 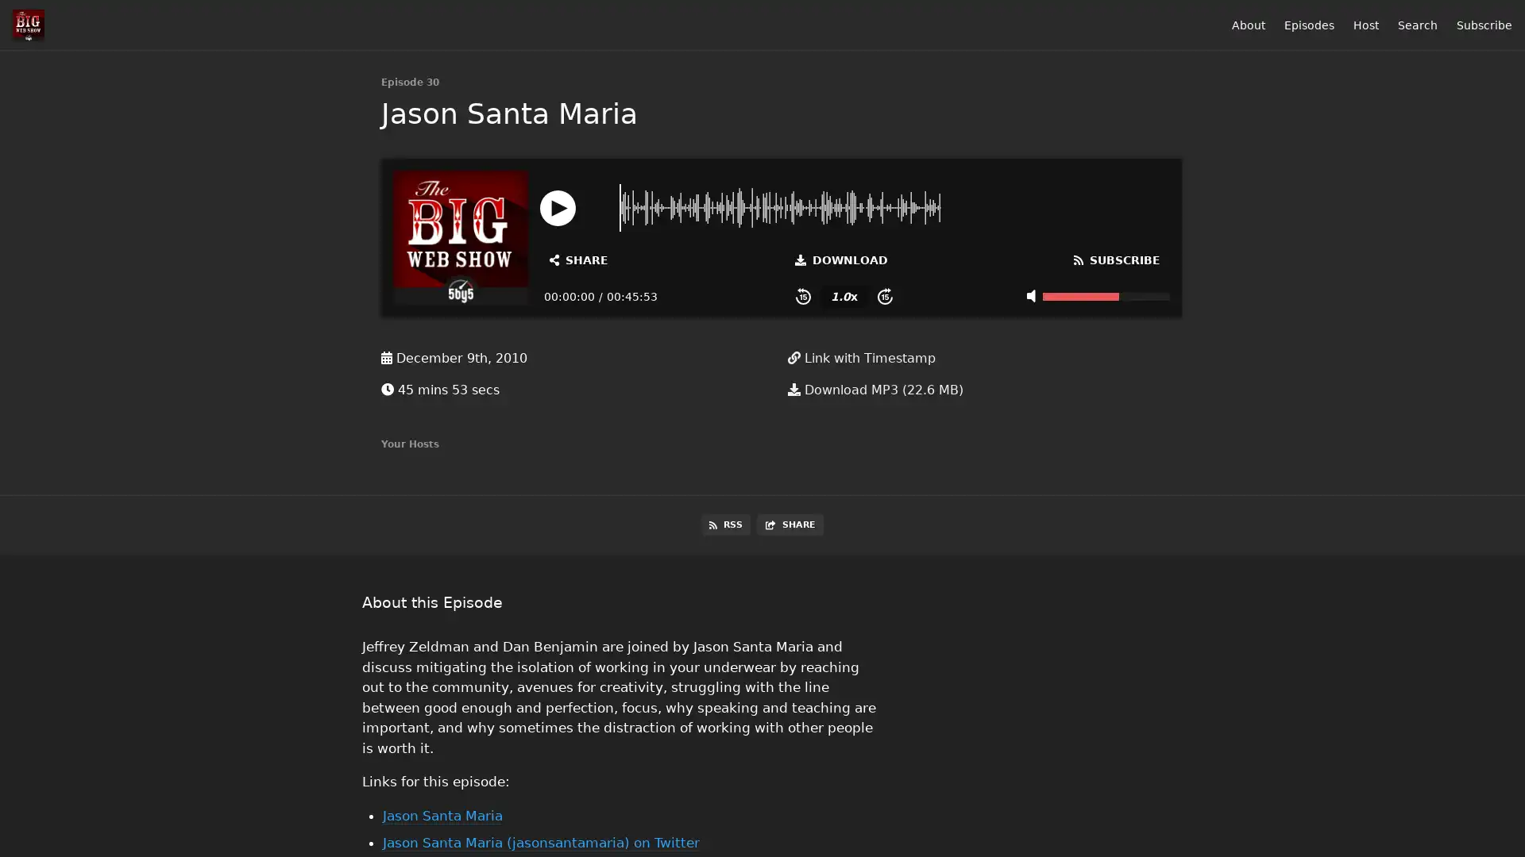 What do you see at coordinates (578, 259) in the screenshot?
I see `Open Share and Subscribe Dialog` at bounding box center [578, 259].